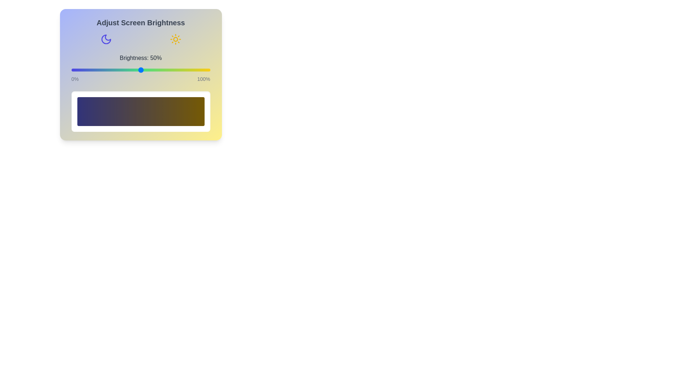 The image size is (694, 390). I want to click on the brightness to 96% using the slider, so click(204, 70).